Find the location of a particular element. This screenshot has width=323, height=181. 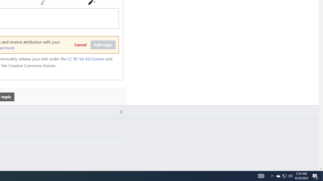

'Cancel' is located at coordinates (80, 45).